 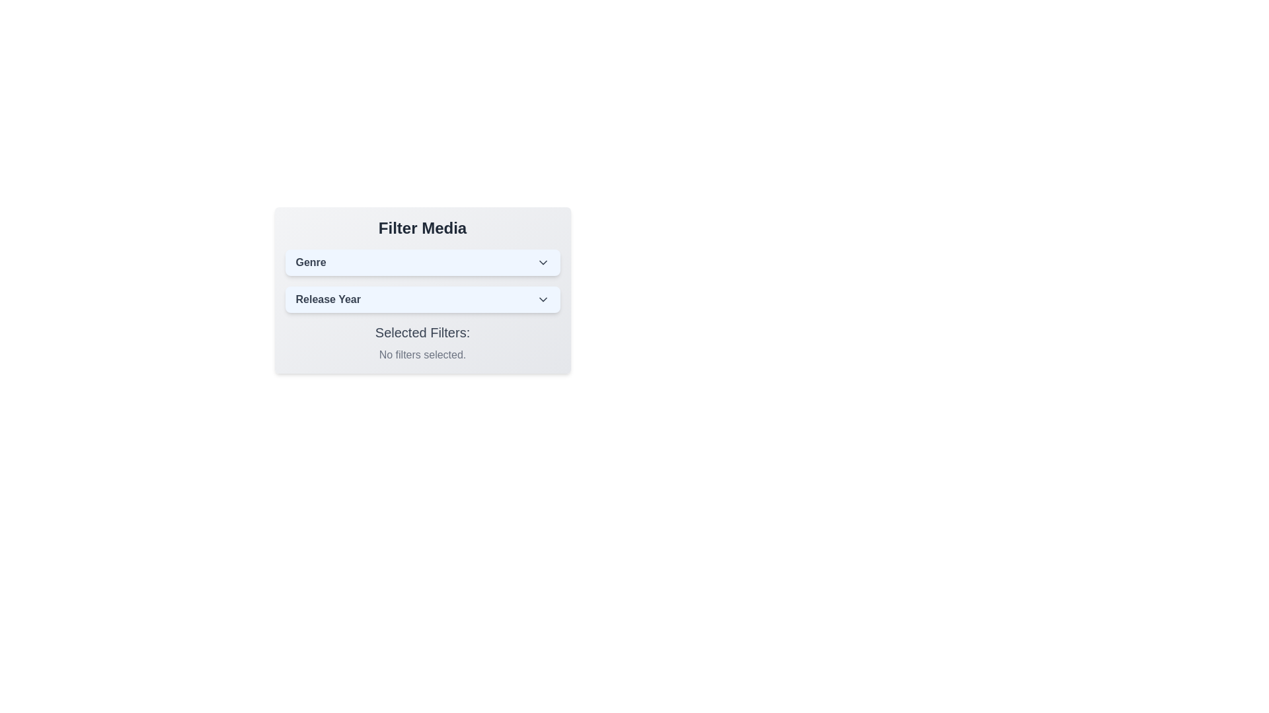 I want to click on the text label indicating that no filters have currently been selected, located below 'Selected Filters:' in the 'Filter Media' modal interface, so click(x=422, y=354).